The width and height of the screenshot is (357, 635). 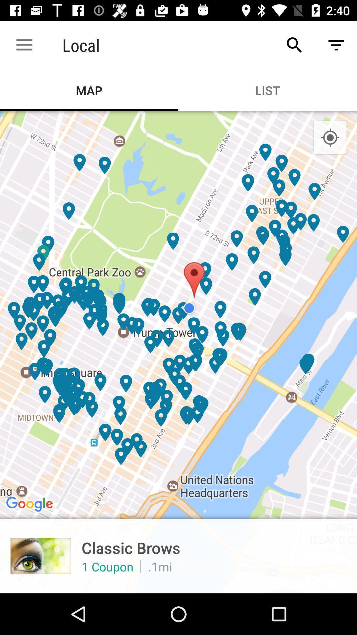 What do you see at coordinates (178, 352) in the screenshot?
I see `the icon below map item` at bounding box center [178, 352].